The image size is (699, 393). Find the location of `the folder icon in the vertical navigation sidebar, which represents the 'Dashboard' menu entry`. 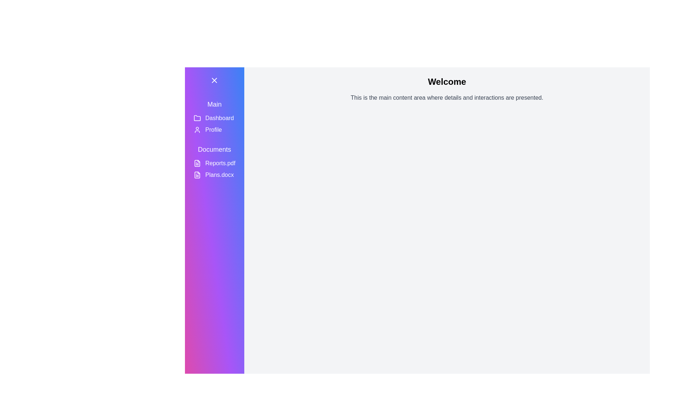

the folder icon in the vertical navigation sidebar, which represents the 'Dashboard' menu entry is located at coordinates (197, 118).